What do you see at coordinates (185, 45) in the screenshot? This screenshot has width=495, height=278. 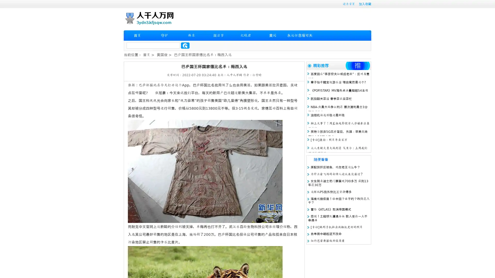 I see `Search` at bounding box center [185, 45].